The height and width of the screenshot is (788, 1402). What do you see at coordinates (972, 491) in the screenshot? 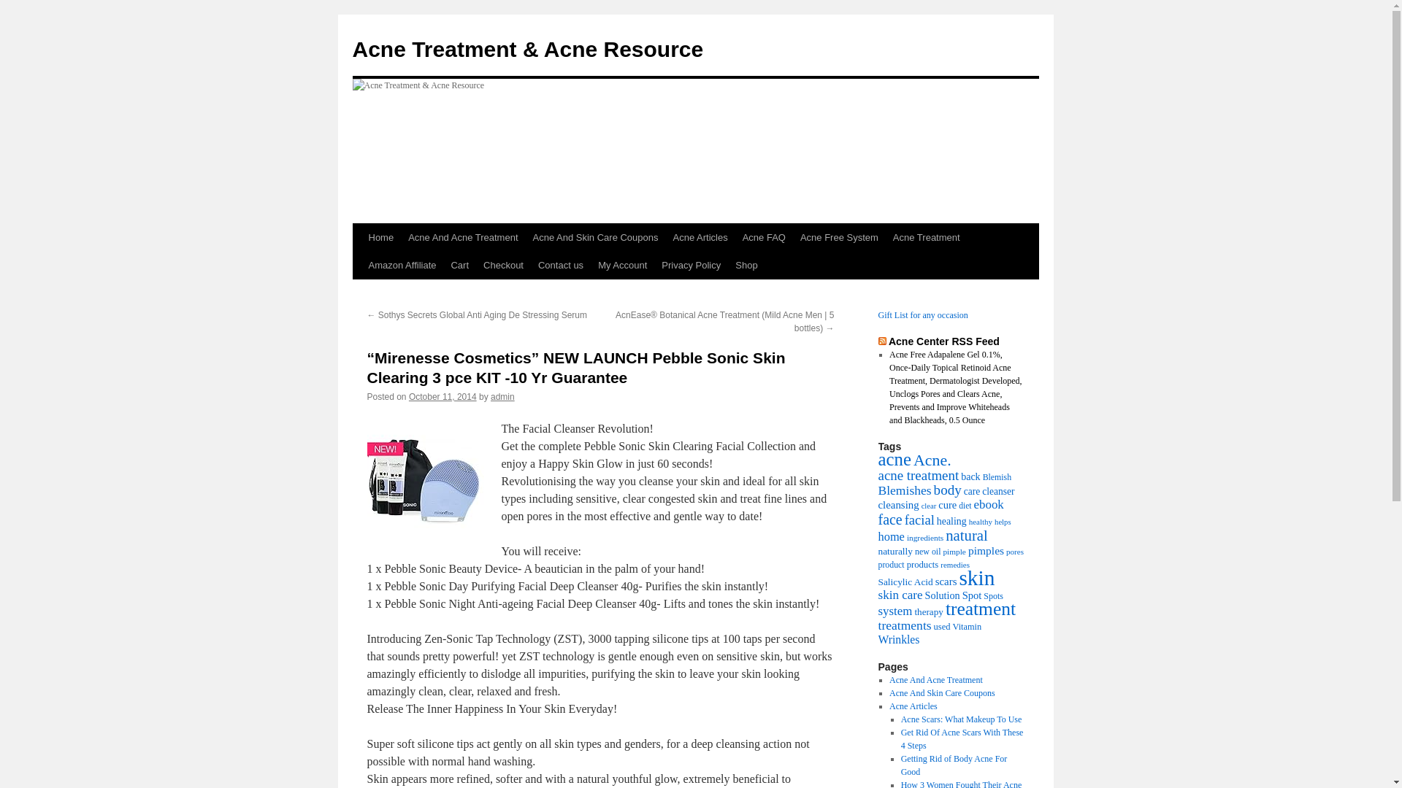
I see `'care'` at bounding box center [972, 491].